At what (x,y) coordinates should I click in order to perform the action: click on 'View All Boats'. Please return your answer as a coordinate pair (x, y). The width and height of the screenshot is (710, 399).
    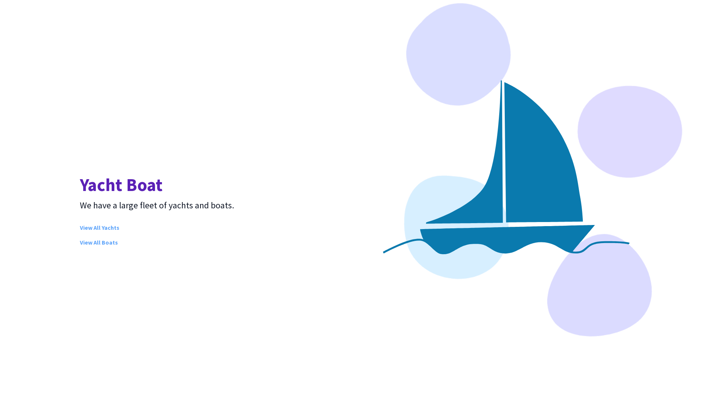
    Looking at the image, I should click on (98, 242).